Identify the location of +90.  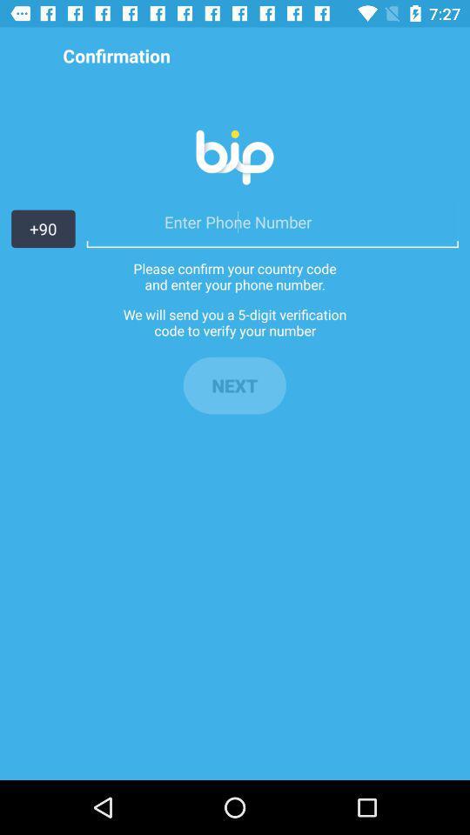
(43, 228).